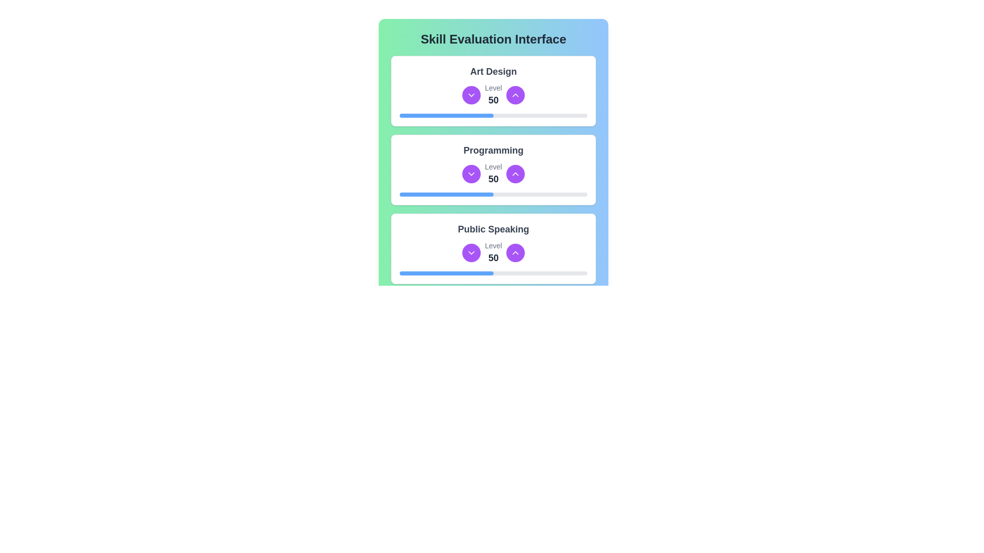 Image resolution: width=984 pixels, height=553 pixels. Describe the element at coordinates (515, 252) in the screenshot. I see `the circular button with a purple background and white upward arrow icon located to the right of the 'Level 50' text in the 'Public Speaking' skill section` at that location.